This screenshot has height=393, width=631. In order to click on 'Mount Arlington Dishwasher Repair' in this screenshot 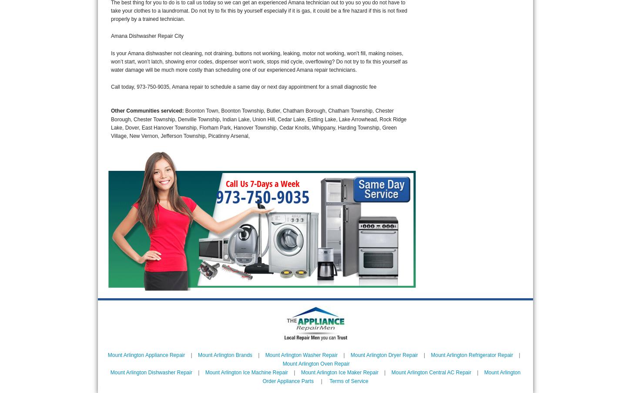, I will do `click(151, 372)`.